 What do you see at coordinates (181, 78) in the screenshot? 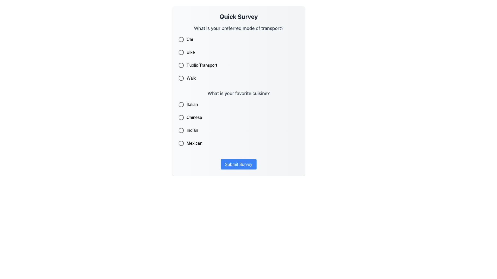
I see `the circular radio button styled as an outline with a hollow center, located adjacent to the text 'Walk'` at bounding box center [181, 78].